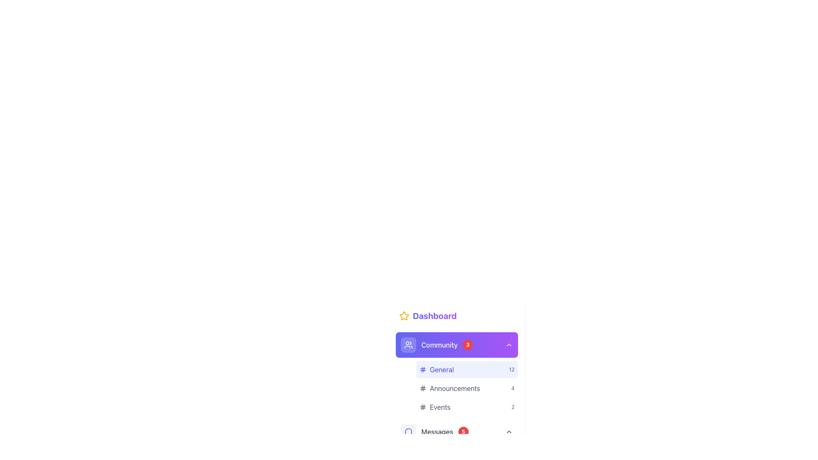  I want to click on the 'Announcements' navigation link located in the 'Community' collapsible section on the sidebar, which is positioned as the second item under 'General', so click(455, 388).